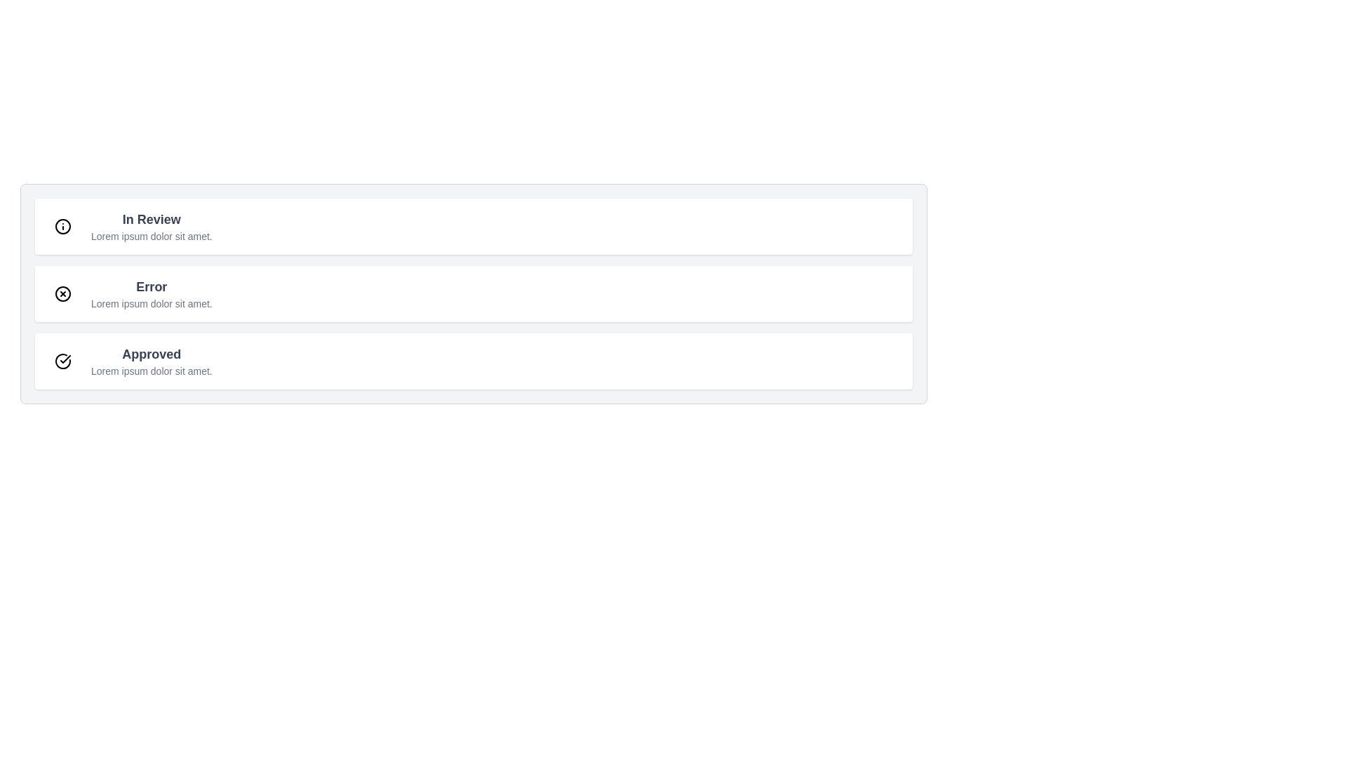 This screenshot has height=758, width=1347. I want to click on code for the 'Approved' status icon located in the third row of the vertical list, positioned to the left of the text 'Approved', so click(65, 359).